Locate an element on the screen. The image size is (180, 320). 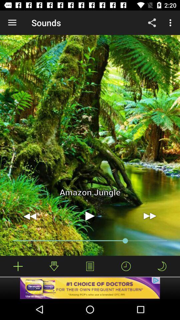
blink option is located at coordinates (161, 266).